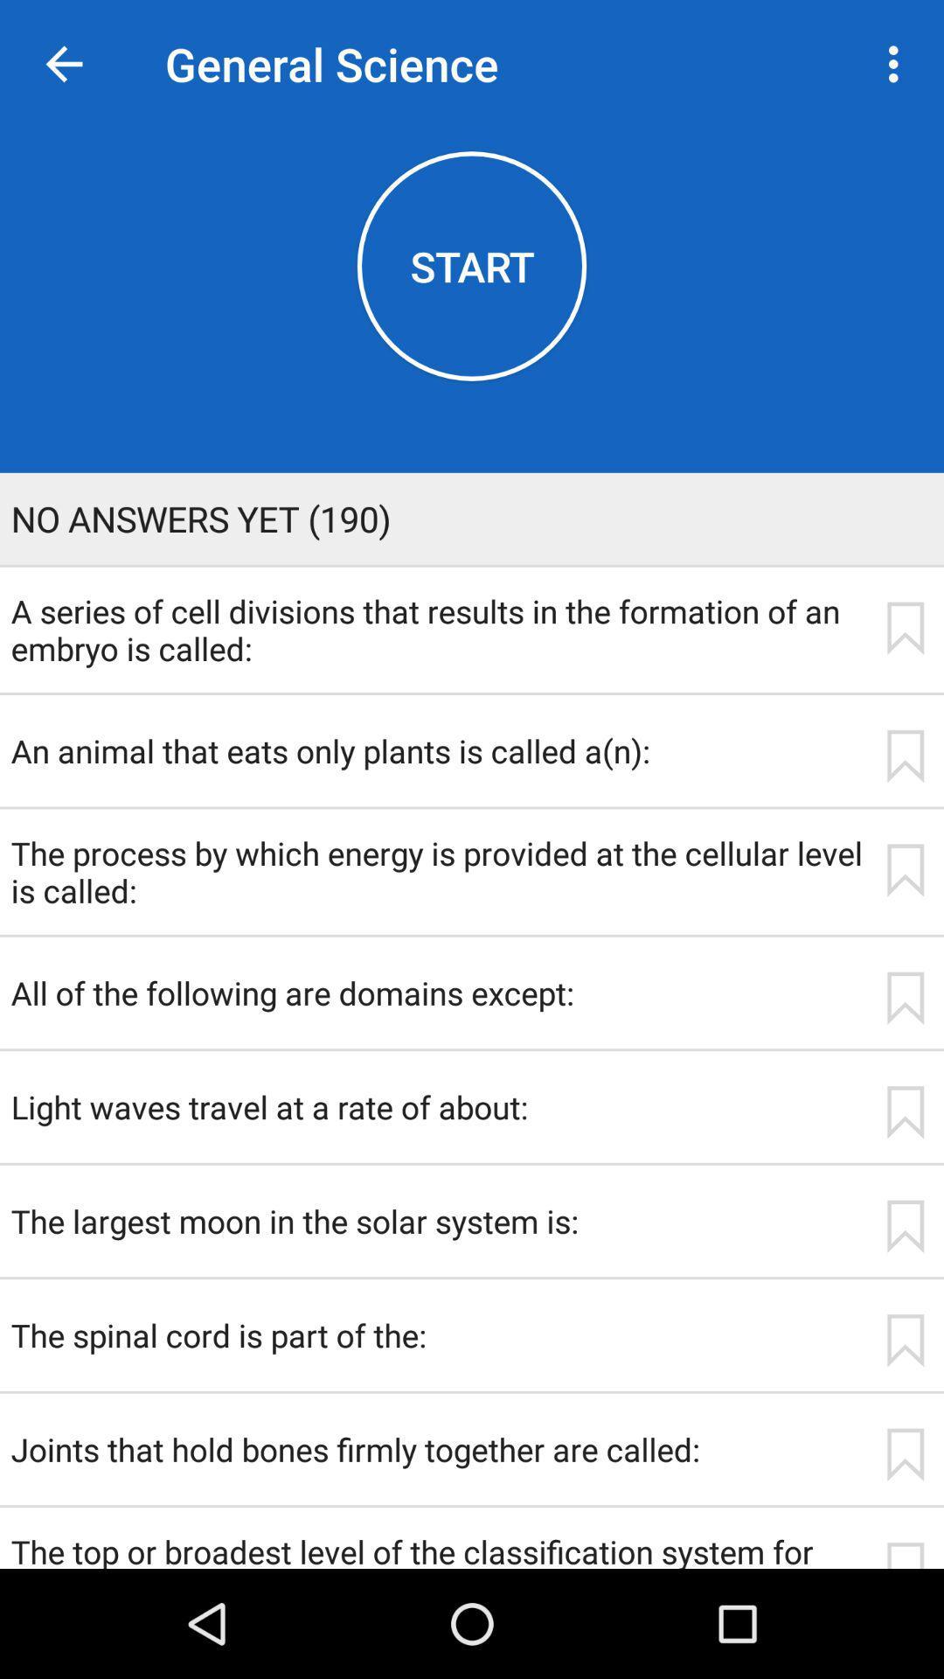 The image size is (944, 1679). Describe the element at coordinates (905, 1555) in the screenshot. I see `the app next to the top or icon` at that location.